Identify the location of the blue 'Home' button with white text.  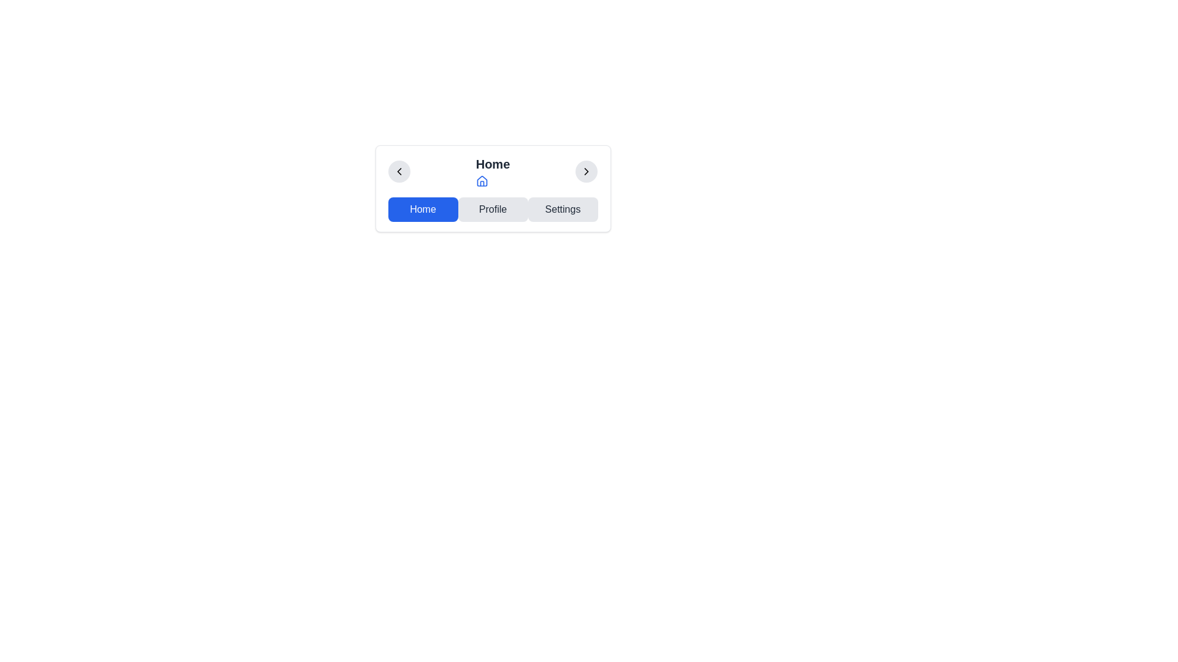
(423, 209).